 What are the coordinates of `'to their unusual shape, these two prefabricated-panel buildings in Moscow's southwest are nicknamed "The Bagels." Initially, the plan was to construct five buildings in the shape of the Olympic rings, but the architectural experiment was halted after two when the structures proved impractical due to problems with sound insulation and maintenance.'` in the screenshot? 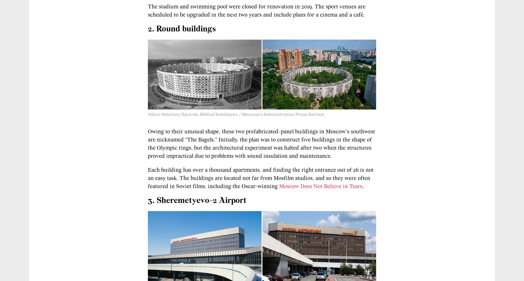 It's located at (147, 144).